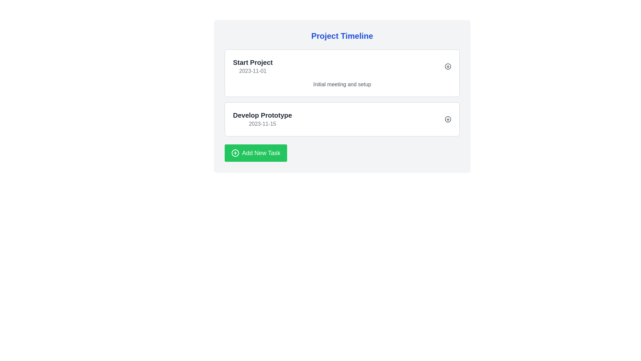 The width and height of the screenshot is (641, 361). I want to click on the circular button icon with a downward arrow located at the top-right corner of the 'Start Project' section, so click(448, 67).